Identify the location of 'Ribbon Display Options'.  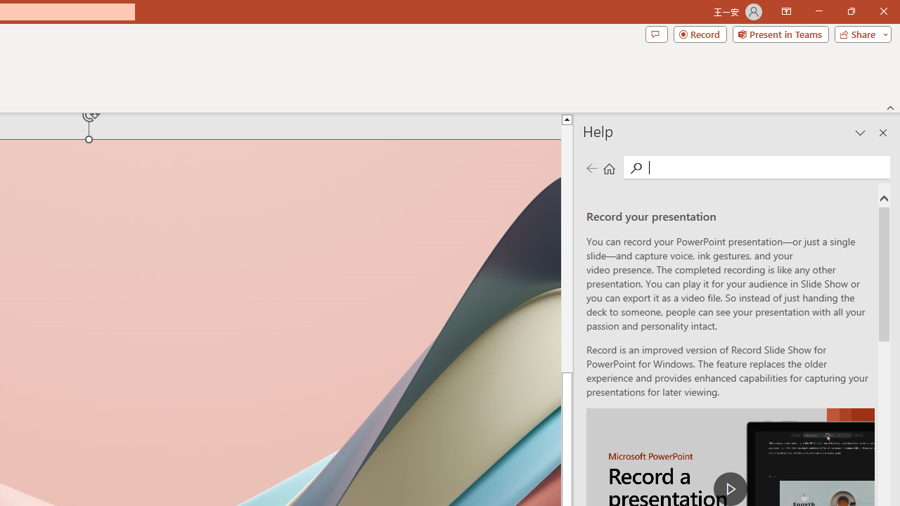
(785, 11).